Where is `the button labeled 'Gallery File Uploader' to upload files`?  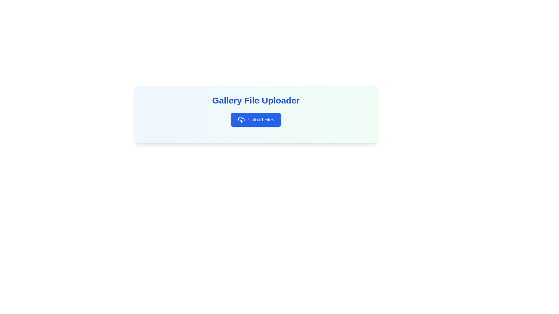
the button labeled 'Gallery File Uploader' to upload files is located at coordinates (256, 119).